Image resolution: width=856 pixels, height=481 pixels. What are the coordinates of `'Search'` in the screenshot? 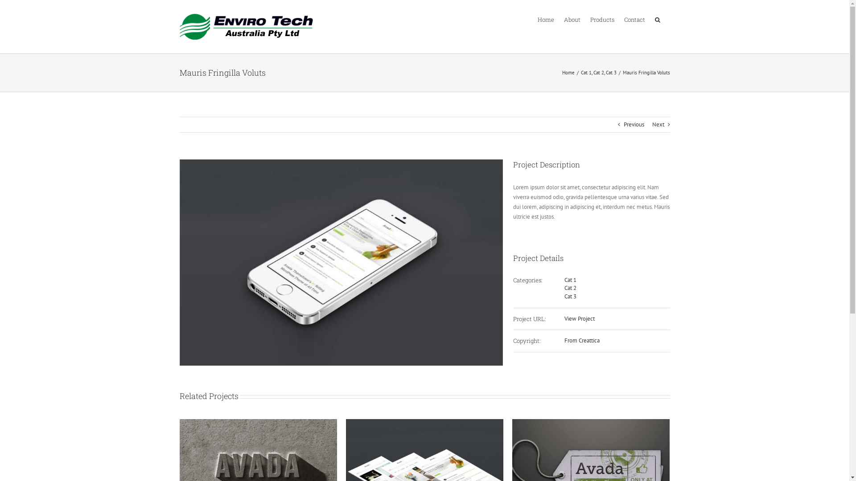 It's located at (657, 19).